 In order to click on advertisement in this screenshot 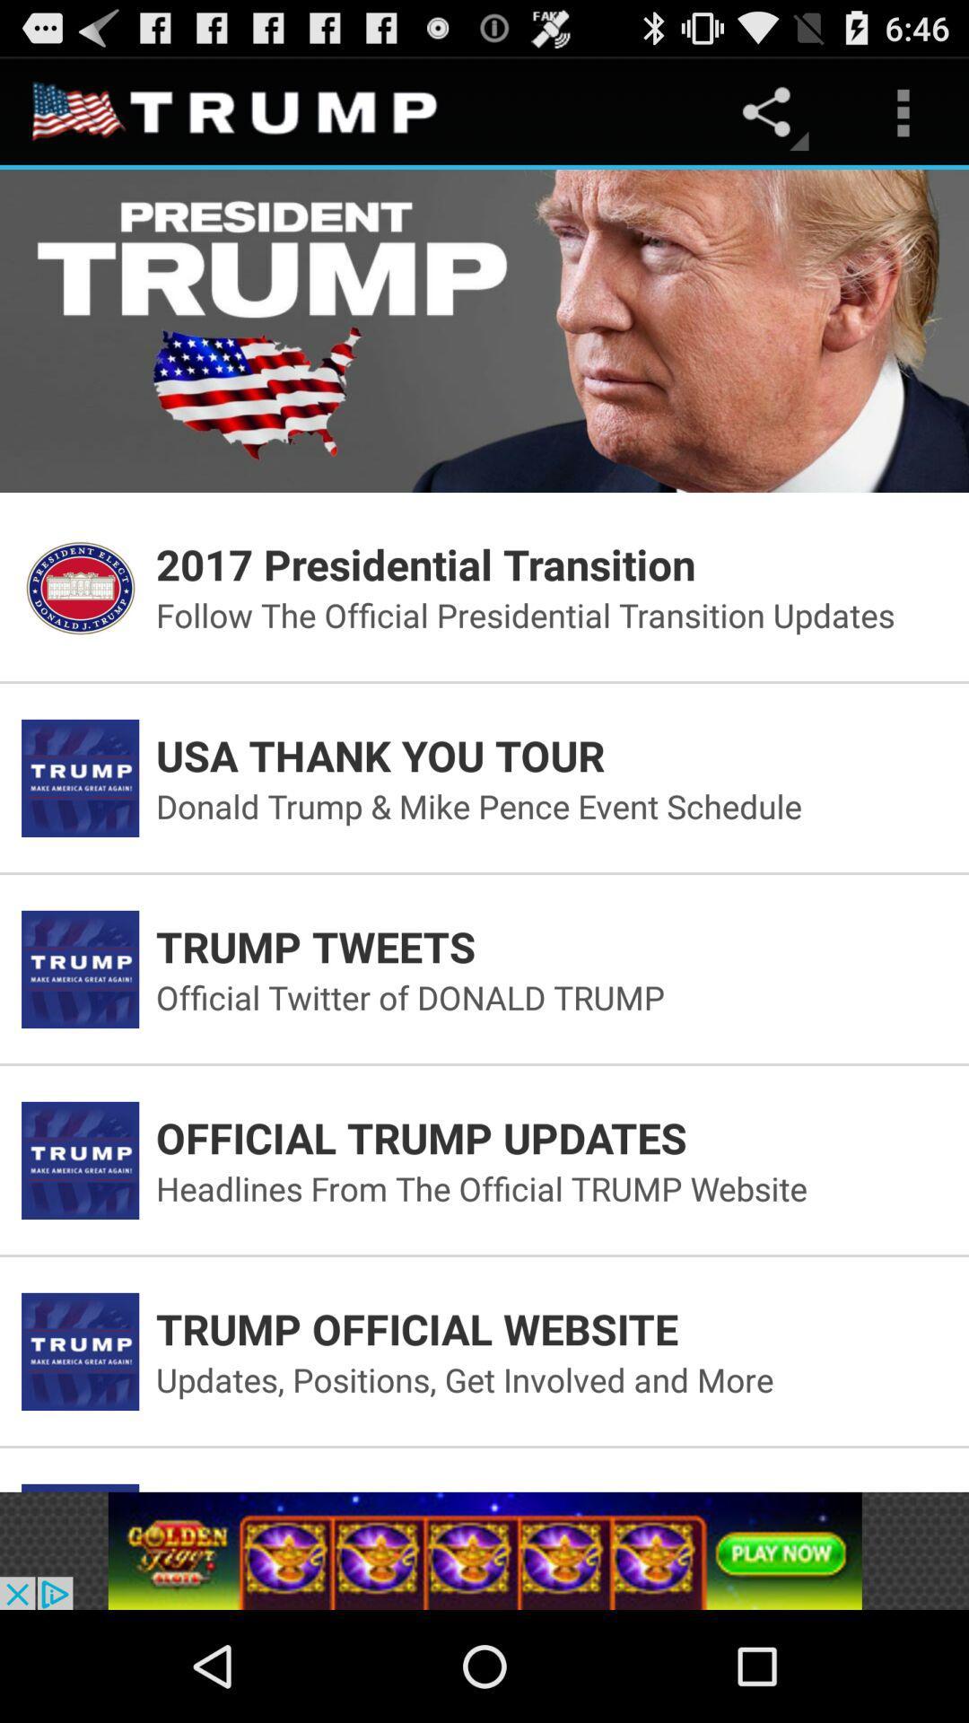, I will do `click(484, 1550)`.